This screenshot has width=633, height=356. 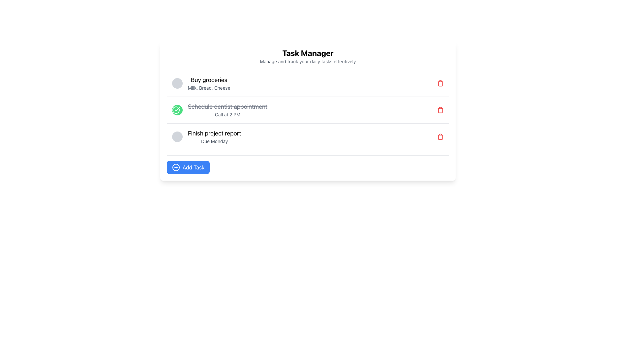 I want to click on text label displaying 'Milk, Bread, Cheese' located directly below the bold text 'Buy groceries' in the task list interface, so click(x=209, y=87).